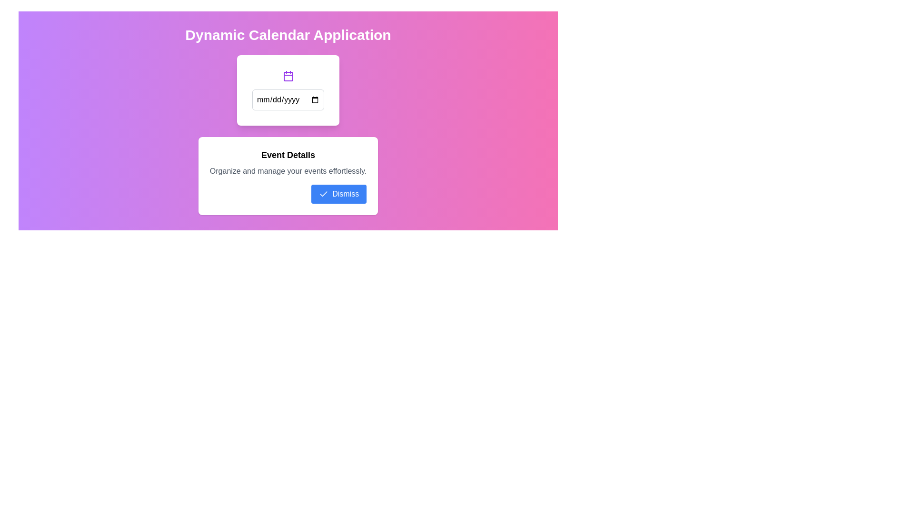 This screenshot has width=914, height=514. I want to click on the Date input field, which is a text input box with rounded corners and a placeholder text 'mm/dd/yyyy', to focus and type, so click(288, 99).